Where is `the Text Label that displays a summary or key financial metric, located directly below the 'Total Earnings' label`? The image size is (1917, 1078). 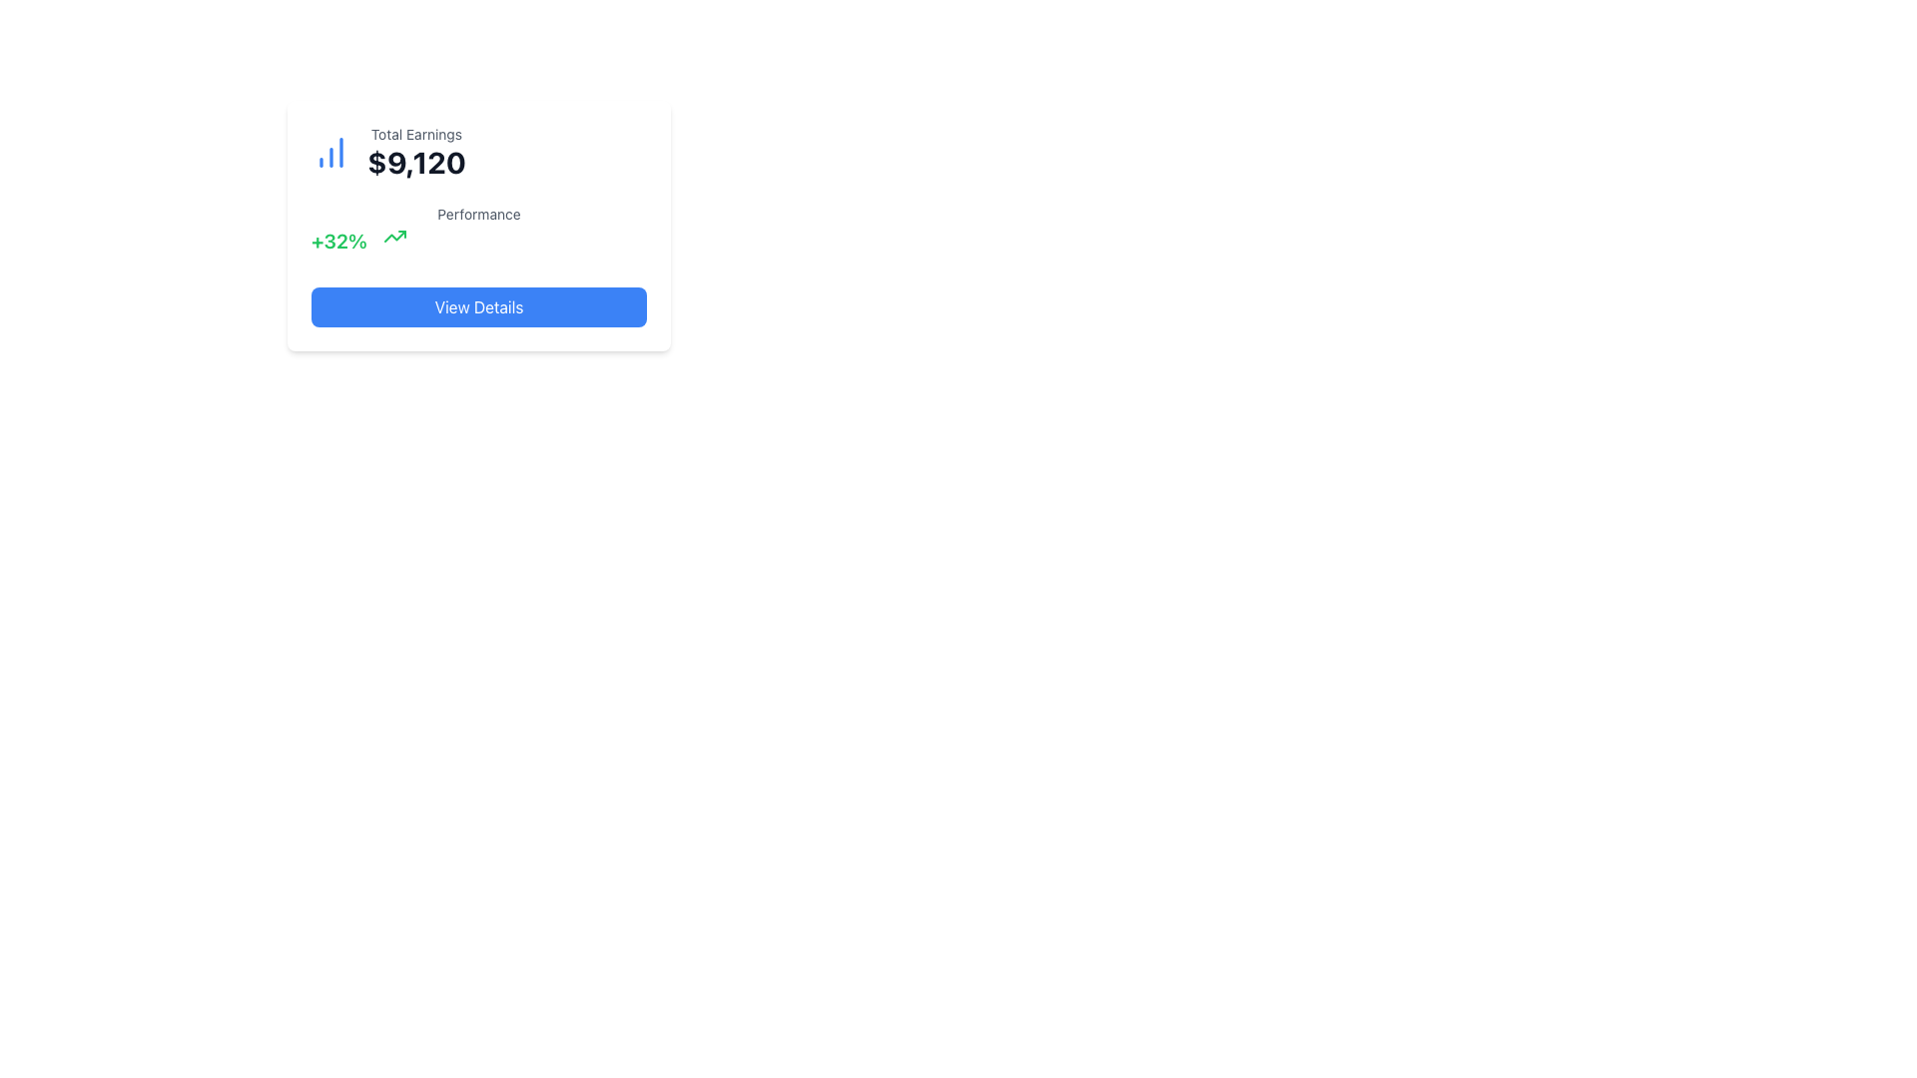 the Text Label that displays a summary or key financial metric, located directly below the 'Total Earnings' label is located at coordinates (415, 161).